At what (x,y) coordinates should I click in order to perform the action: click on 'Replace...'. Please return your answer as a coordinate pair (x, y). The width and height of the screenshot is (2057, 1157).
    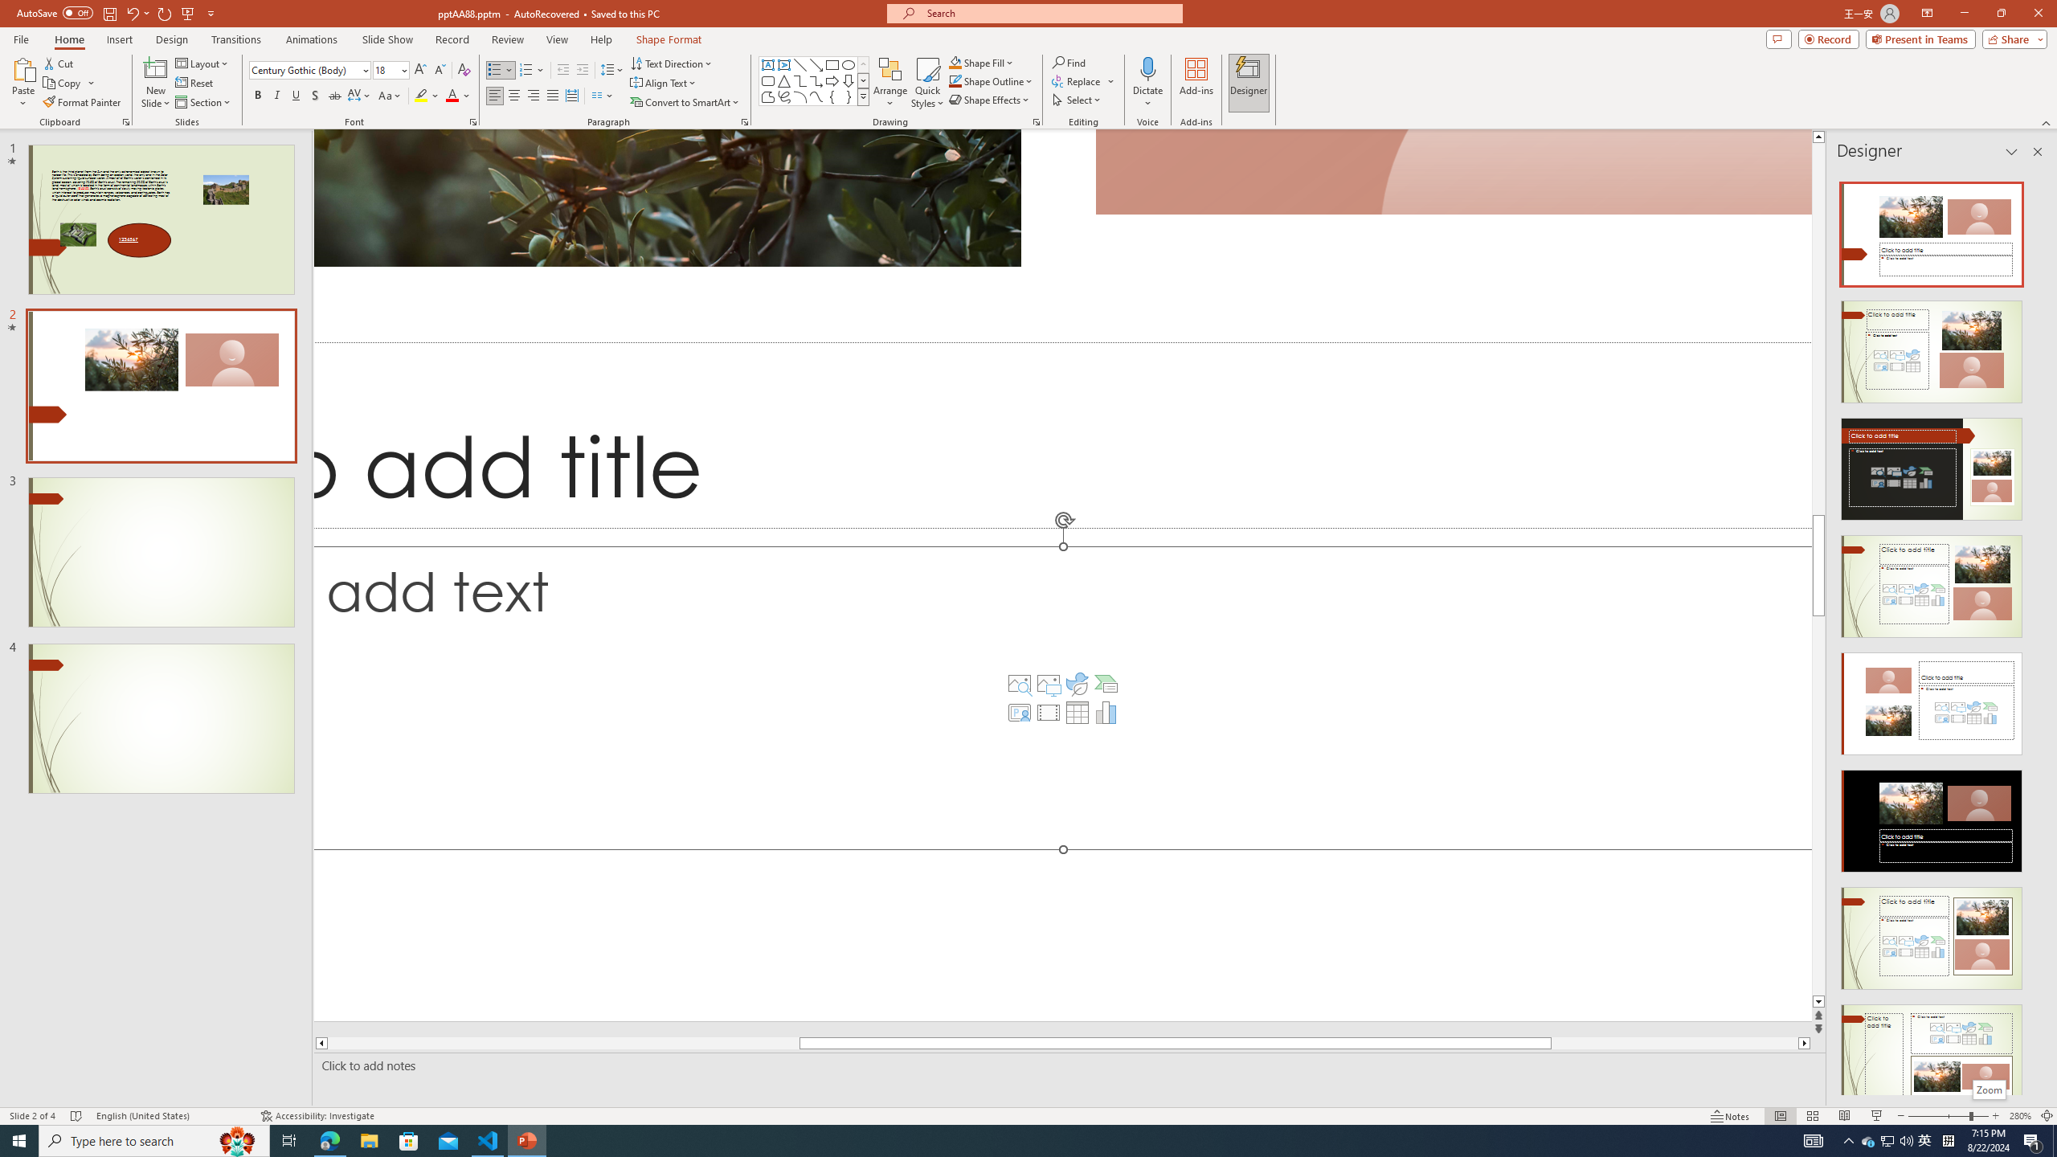
    Looking at the image, I should click on (1084, 80).